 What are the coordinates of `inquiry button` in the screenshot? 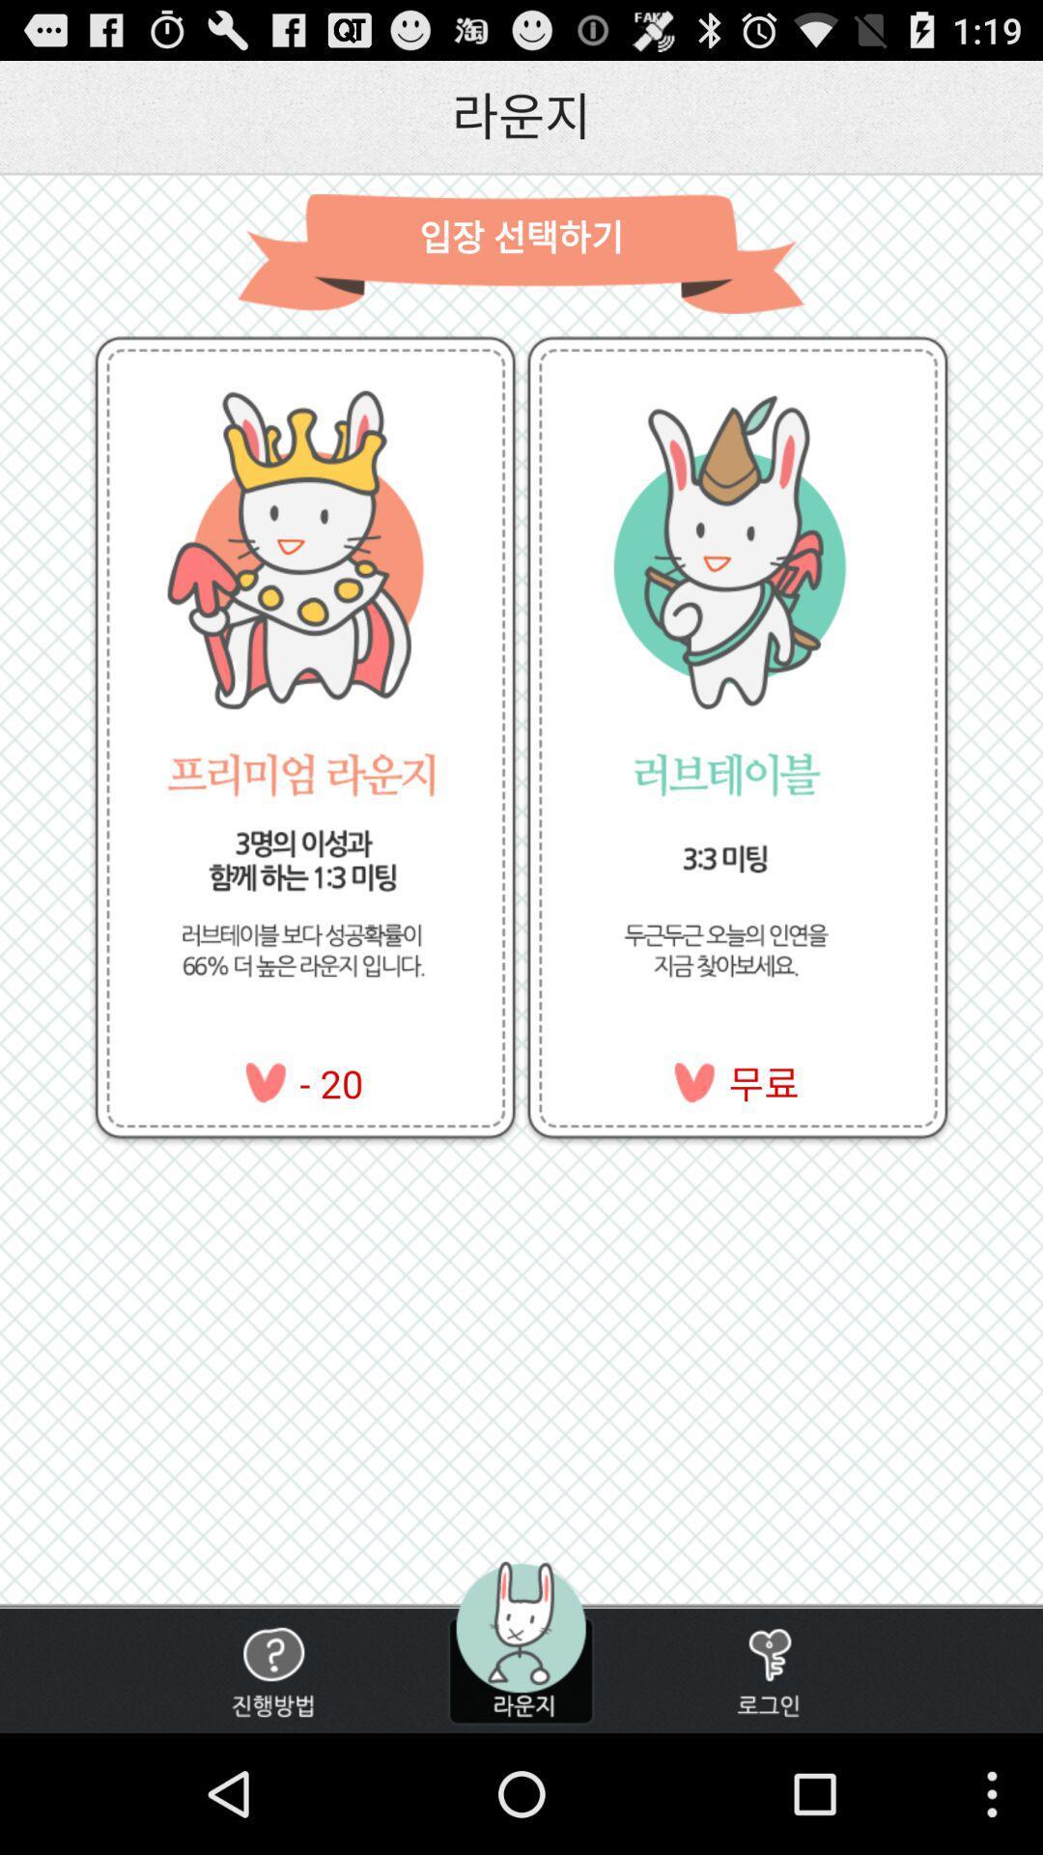 It's located at (272, 1669).